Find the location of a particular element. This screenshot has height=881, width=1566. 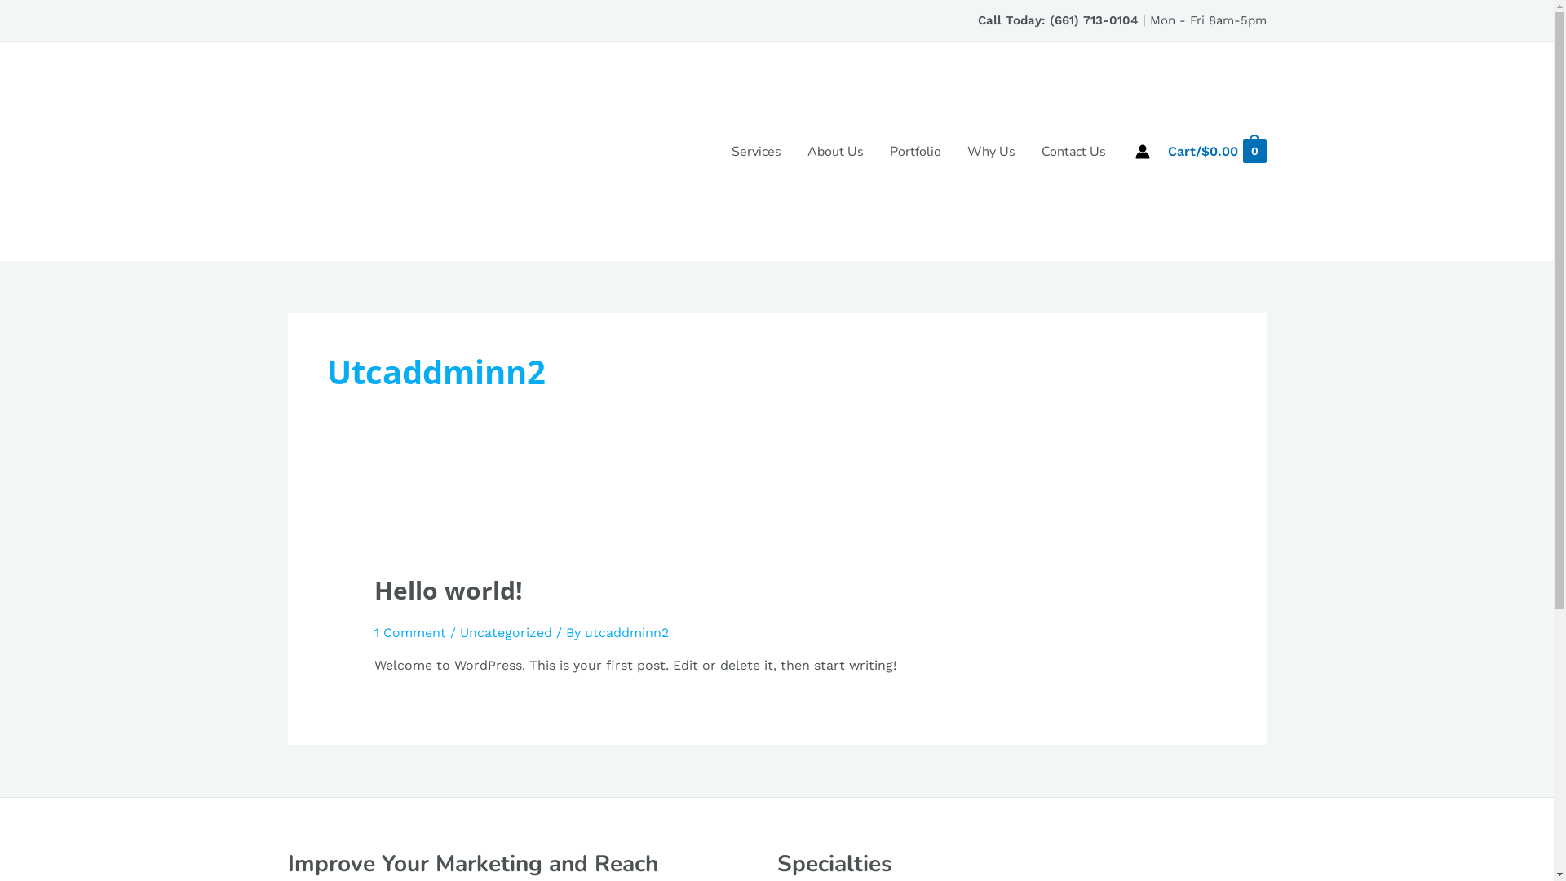

'Uncategorized' is located at coordinates (505, 631).